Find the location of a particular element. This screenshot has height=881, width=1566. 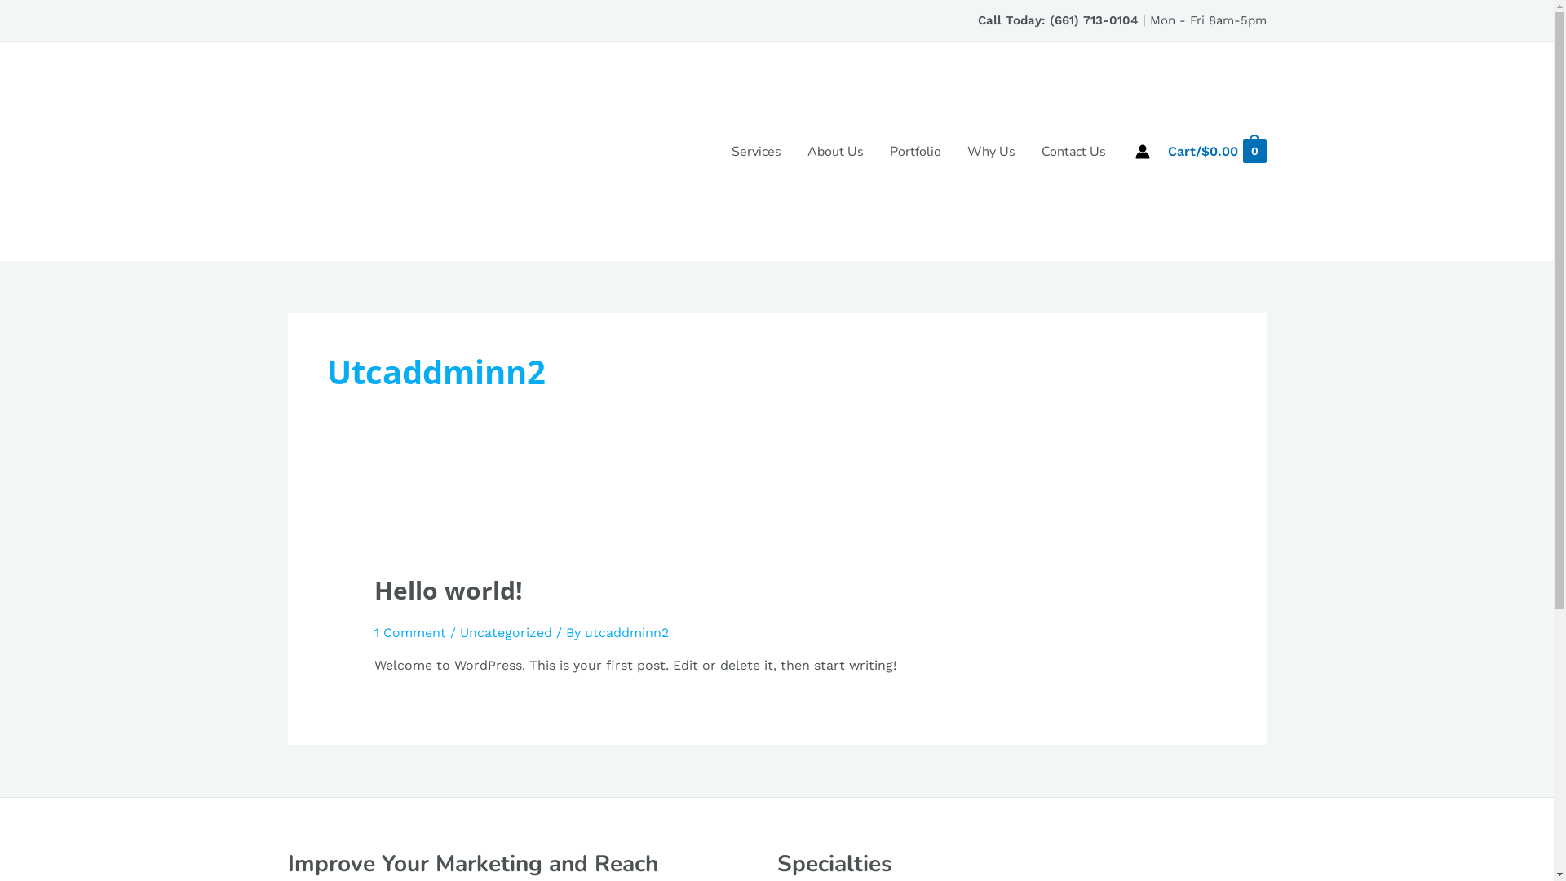

'Uncategorized' is located at coordinates (505, 631).